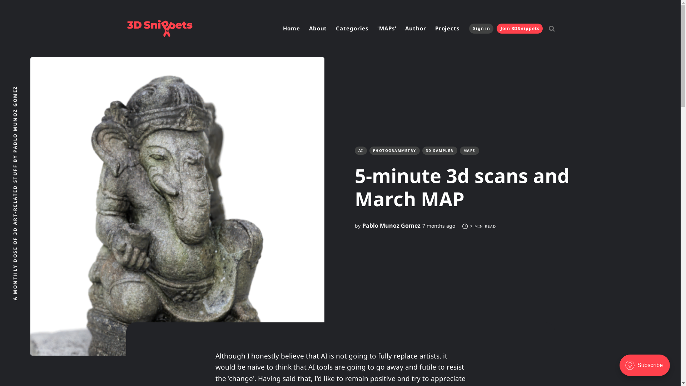 The image size is (686, 386). Describe the element at coordinates (386, 28) in the screenshot. I see `''MAPs''` at that location.